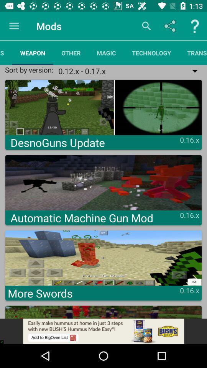 Image resolution: width=207 pixels, height=368 pixels. Describe the element at coordinates (71, 53) in the screenshot. I see `the icon to the left of the magic icon` at that location.